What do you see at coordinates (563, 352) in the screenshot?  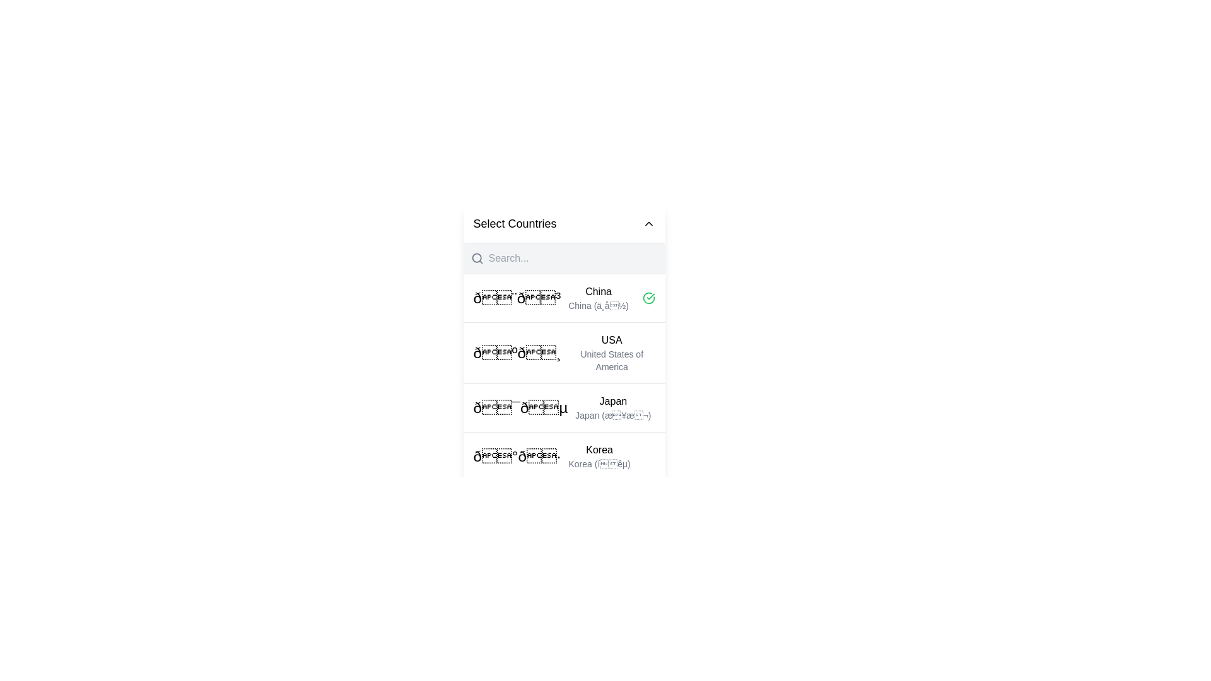 I see `the list item row indicating 'United States'` at bounding box center [563, 352].